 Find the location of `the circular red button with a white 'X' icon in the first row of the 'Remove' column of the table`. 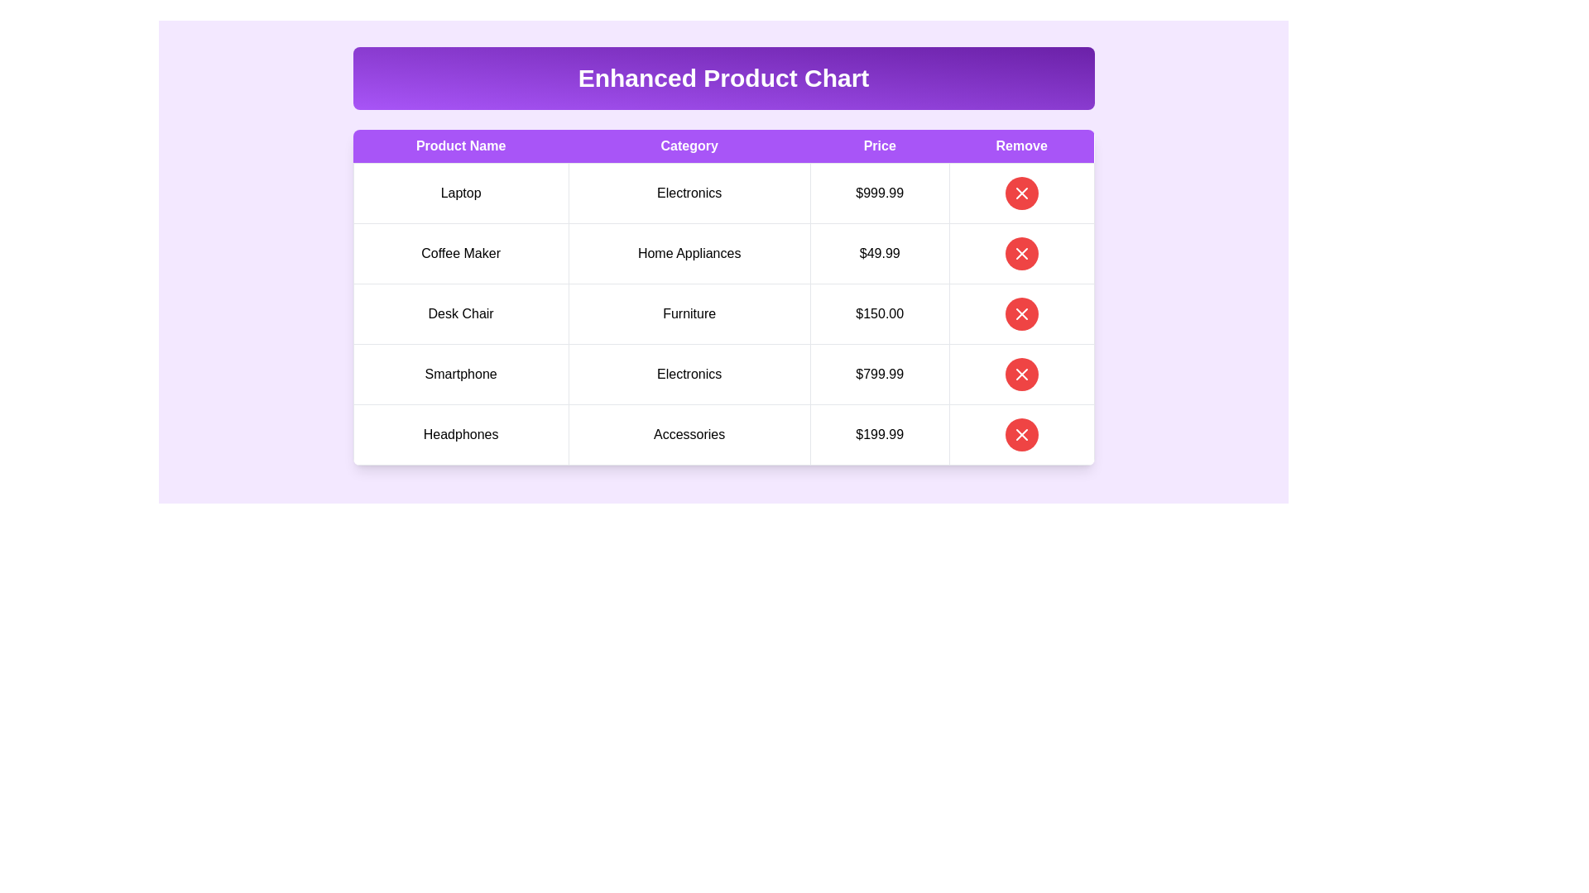

the circular red button with a white 'X' icon in the first row of the 'Remove' column of the table is located at coordinates (1020, 193).